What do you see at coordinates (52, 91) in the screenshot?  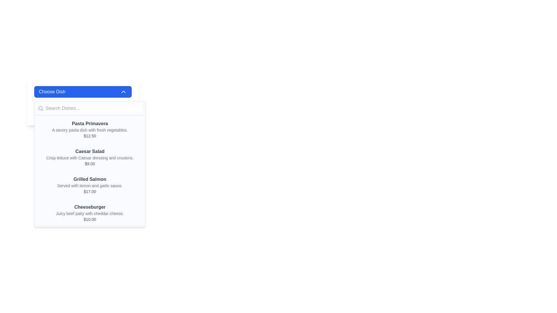 I see `the text label that indicates the selection of a dish in the drop-down menu, which is centrally aligned within a blue button at the top` at bounding box center [52, 91].